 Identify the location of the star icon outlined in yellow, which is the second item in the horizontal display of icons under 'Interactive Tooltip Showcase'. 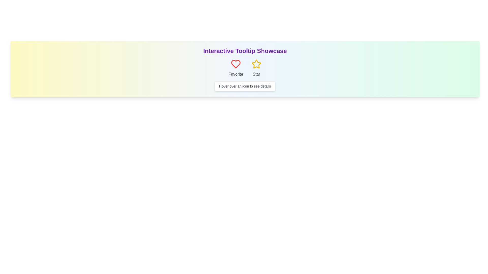
(256, 64).